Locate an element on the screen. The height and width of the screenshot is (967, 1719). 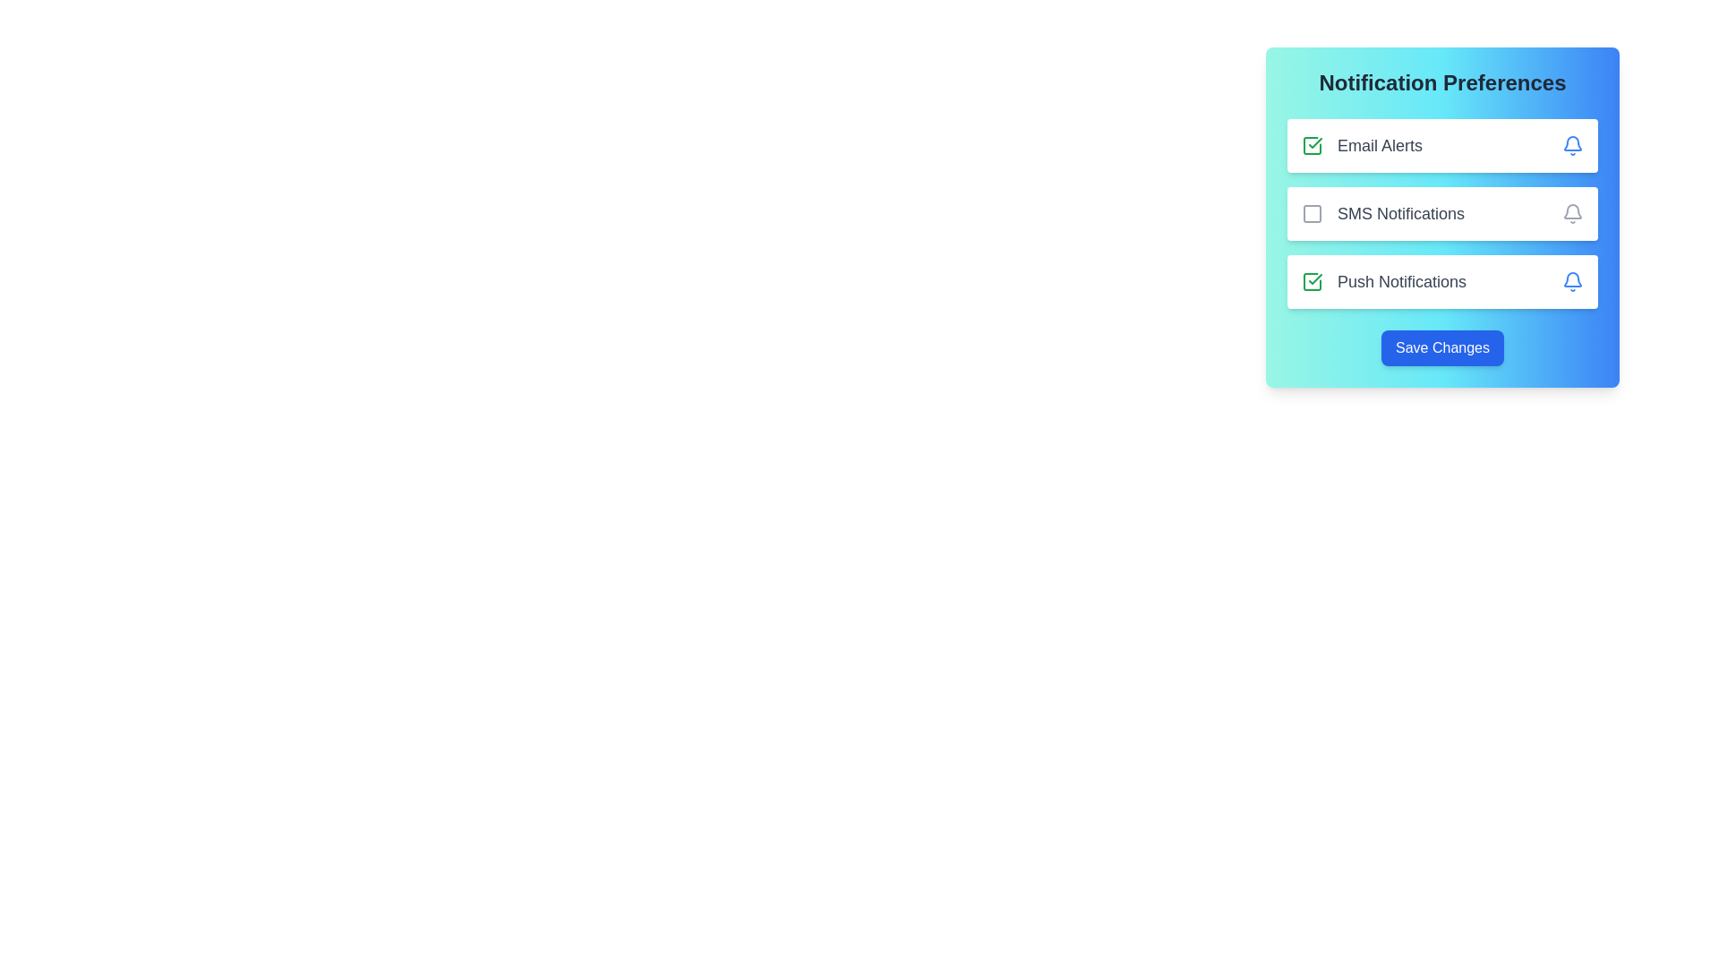
the bell icon at the far right side of the 'SMS Notifications' row to customize notification preferences is located at coordinates (1571, 213).